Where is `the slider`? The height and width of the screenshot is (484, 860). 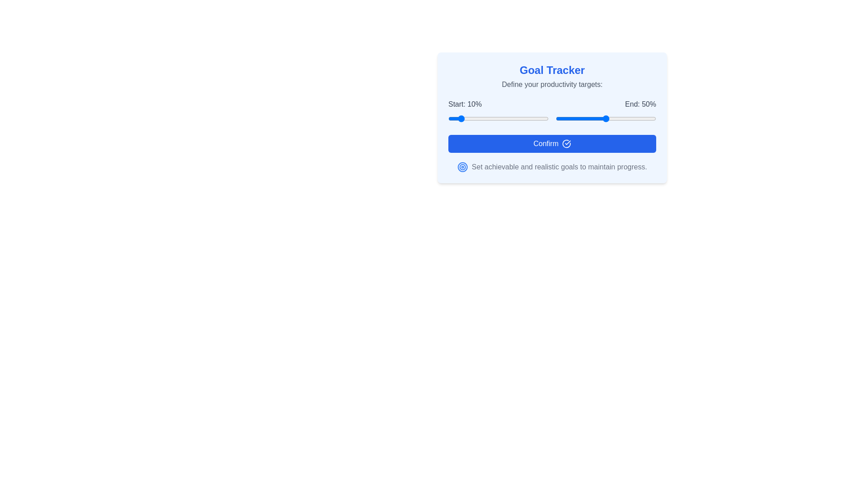 the slider is located at coordinates (636, 118).